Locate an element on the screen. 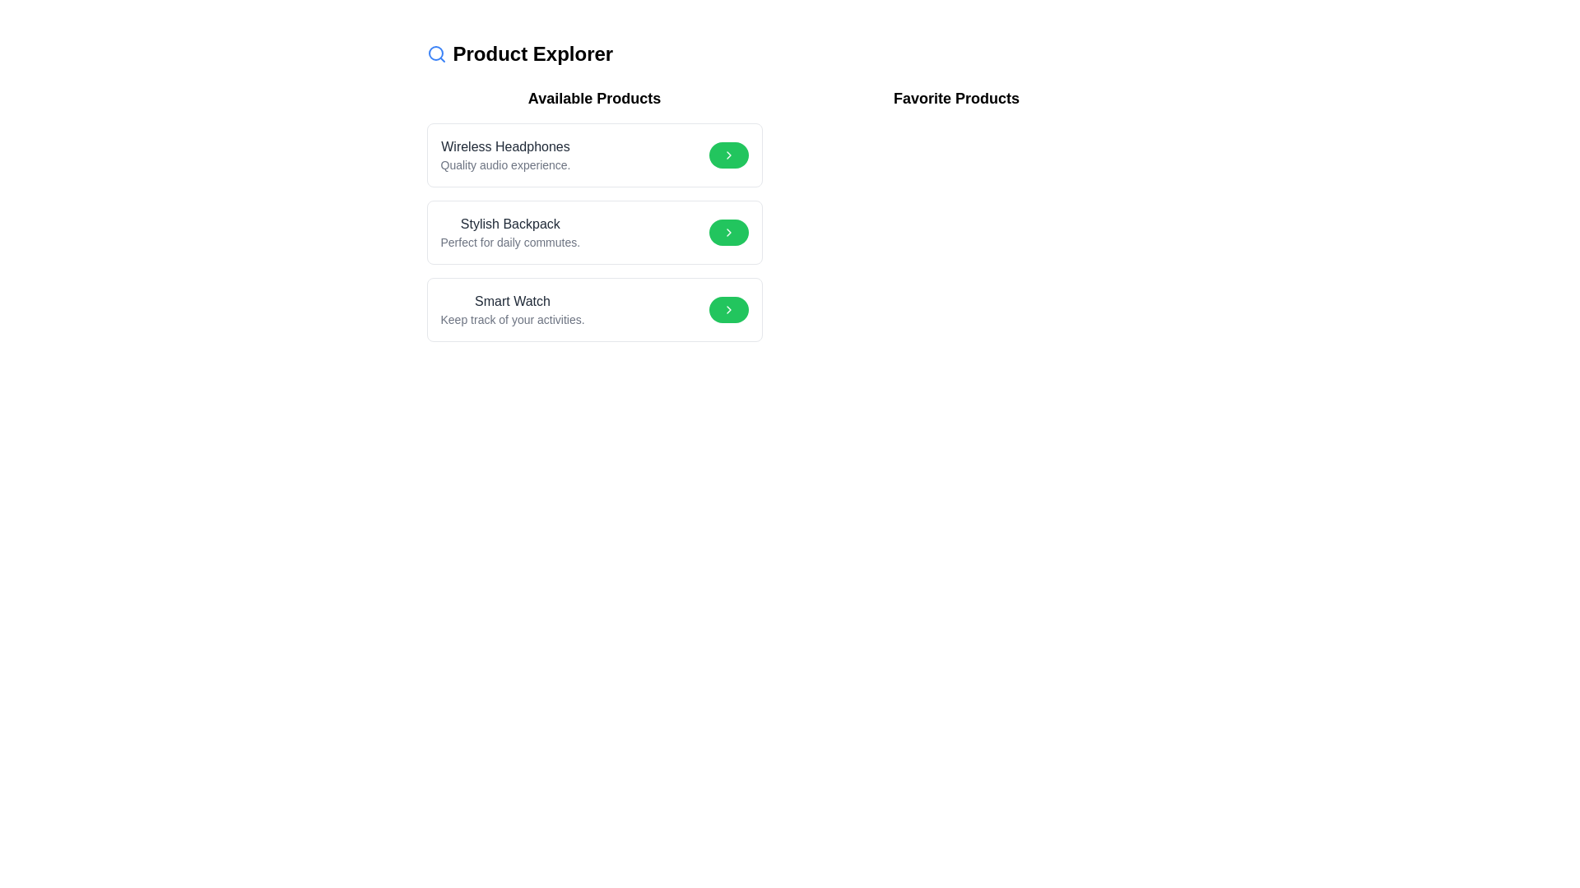 Image resolution: width=1580 pixels, height=888 pixels. text content of the Label titled 'Smart Watch' with the description 'Keep track of your activities.' located in the bottom-right corner of the 'Available Products' section is located at coordinates (512, 310).